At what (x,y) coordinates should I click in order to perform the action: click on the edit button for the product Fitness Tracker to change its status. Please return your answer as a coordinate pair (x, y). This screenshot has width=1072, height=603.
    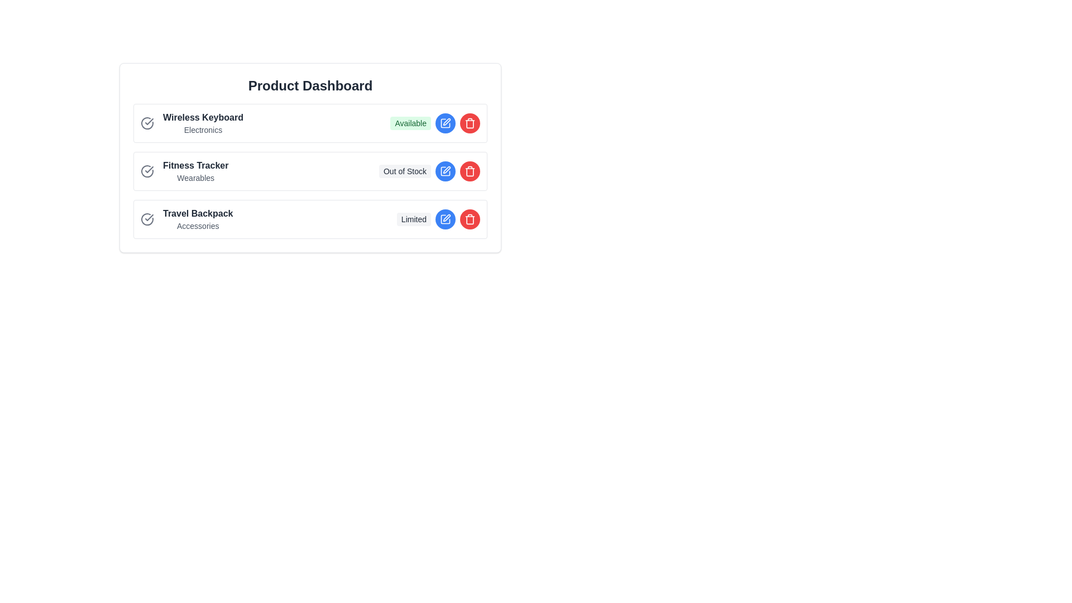
    Looking at the image, I should click on (444, 171).